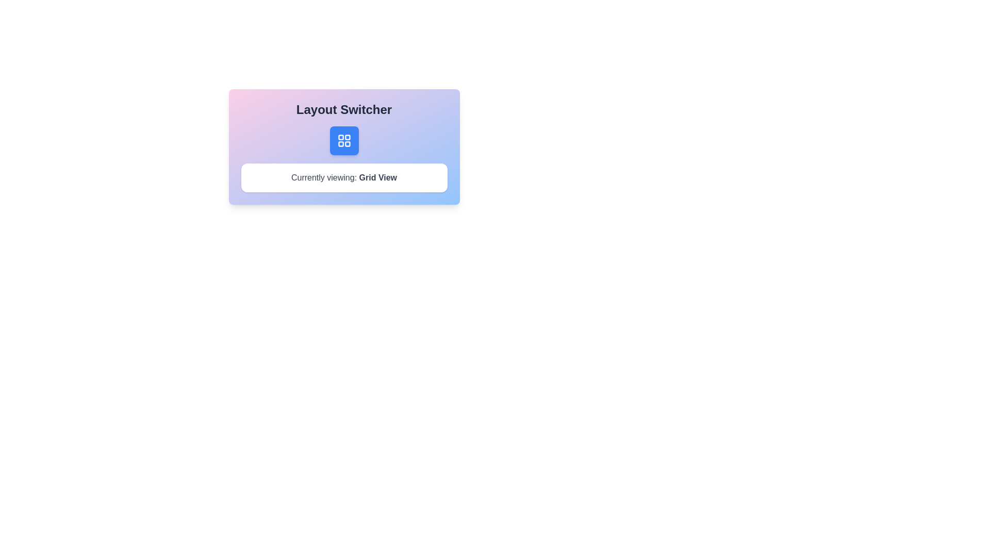  Describe the element at coordinates (344, 141) in the screenshot. I see `the button to observe its hover state effects` at that location.